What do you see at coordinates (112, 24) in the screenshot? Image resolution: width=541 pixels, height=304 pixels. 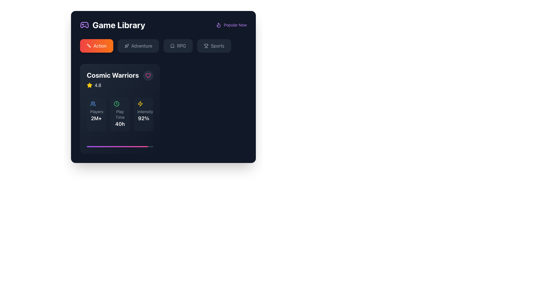 I see `'Game Library' heading that features a white, bold font and a purple game controller icon on a dark blue background, located at the top-left corner of the interface` at bounding box center [112, 24].